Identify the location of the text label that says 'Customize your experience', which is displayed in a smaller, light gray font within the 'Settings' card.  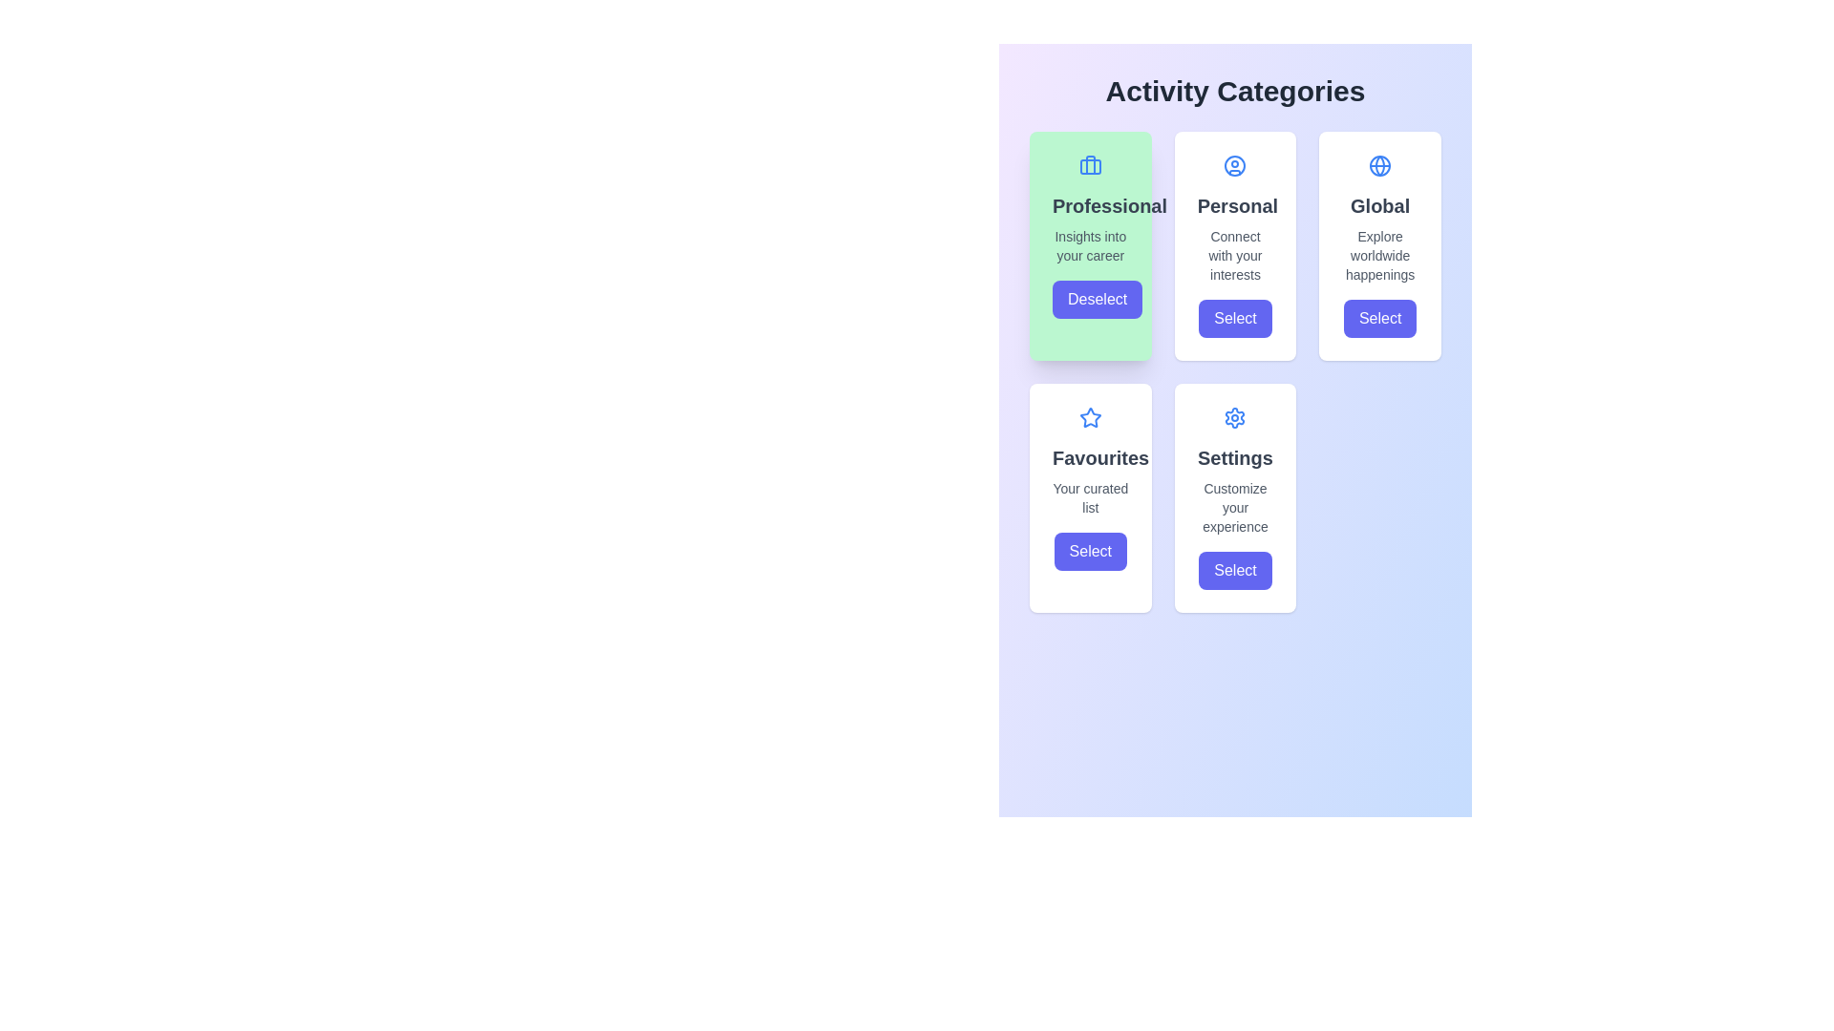
(1235, 507).